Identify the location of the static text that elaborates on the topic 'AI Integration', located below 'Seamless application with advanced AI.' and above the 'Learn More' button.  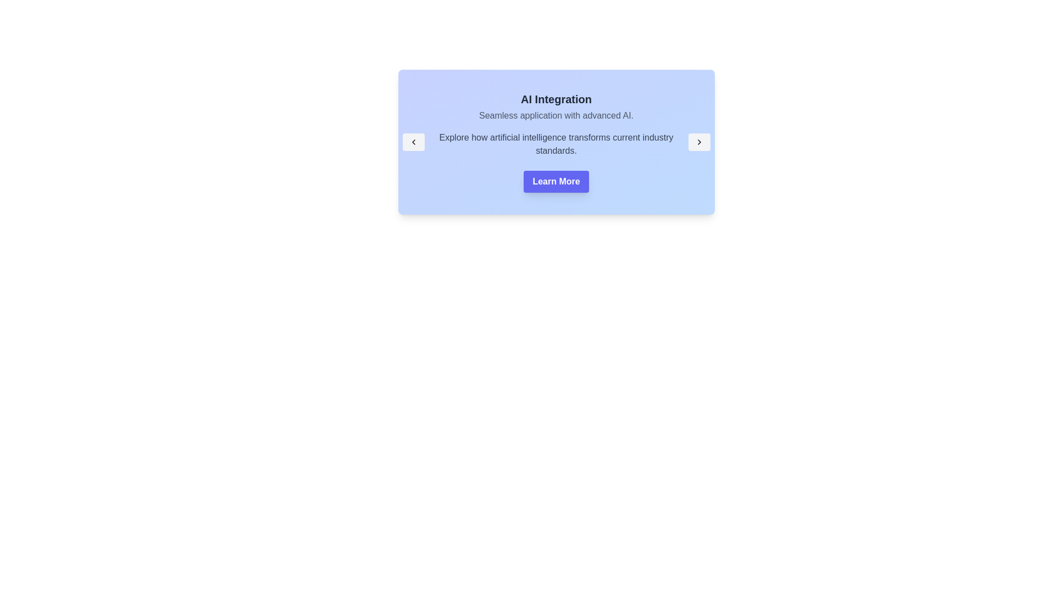
(556, 143).